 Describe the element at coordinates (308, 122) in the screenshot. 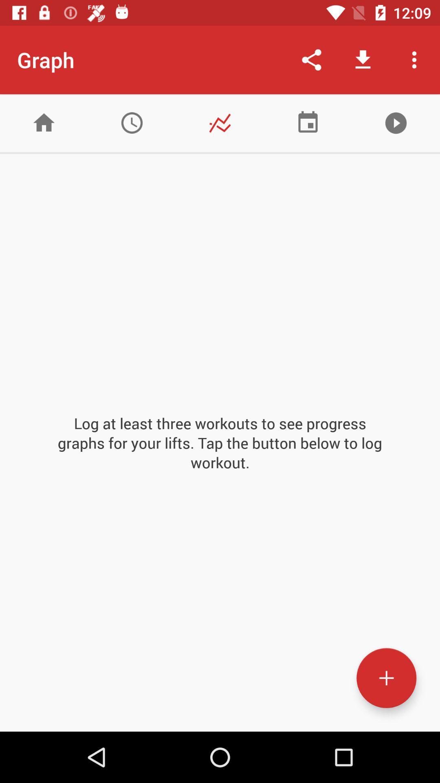

I see `calendar` at that location.